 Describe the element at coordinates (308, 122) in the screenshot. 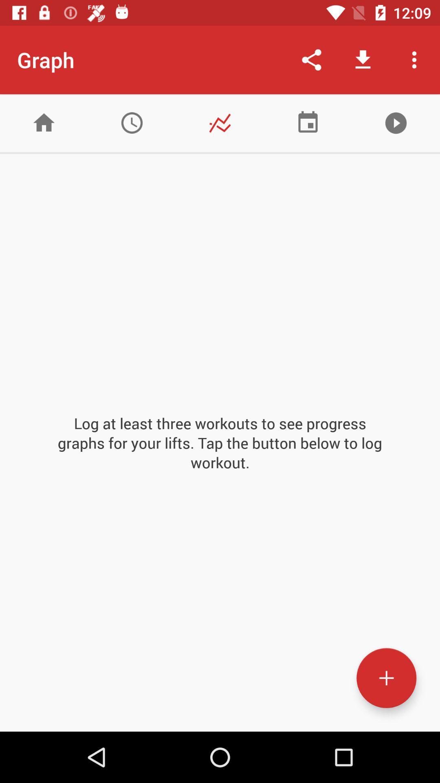

I see `calendar` at that location.